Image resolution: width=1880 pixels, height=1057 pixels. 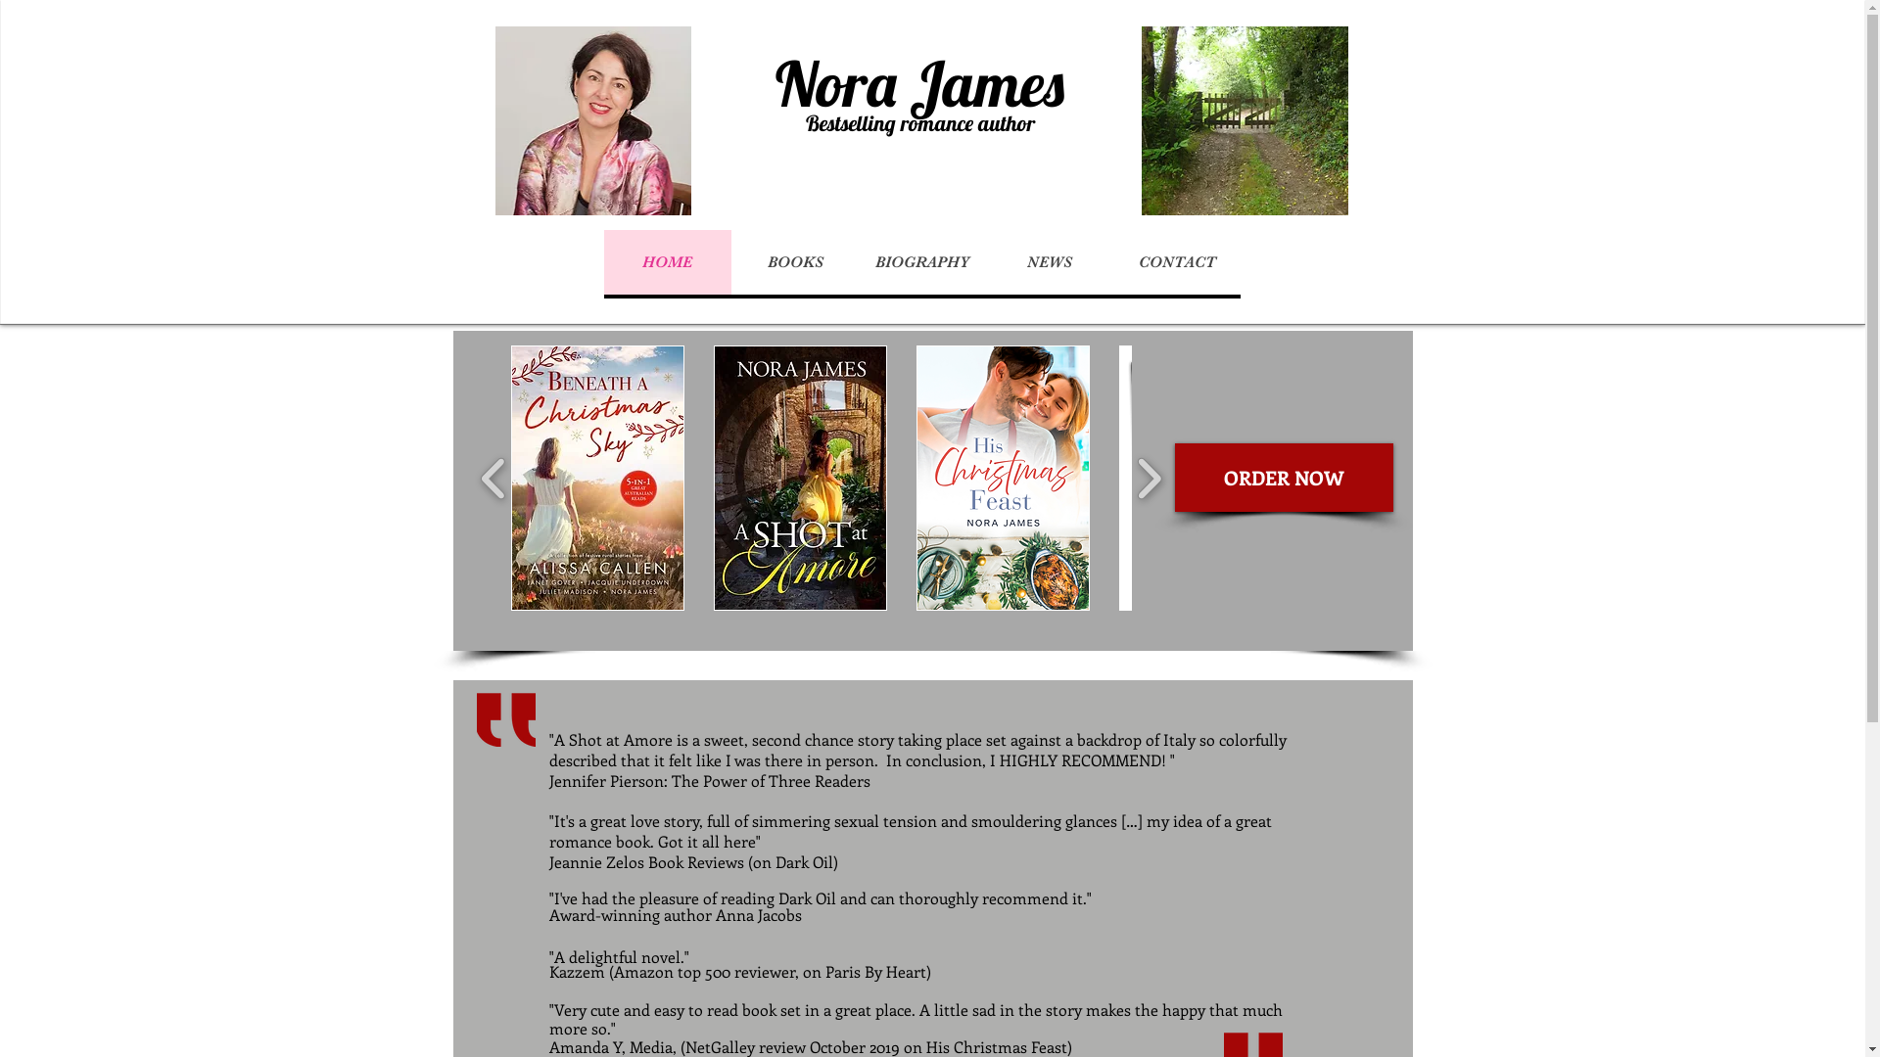 What do you see at coordinates (794, 260) in the screenshot?
I see `'BOOKS'` at bounding box center [794, 260].